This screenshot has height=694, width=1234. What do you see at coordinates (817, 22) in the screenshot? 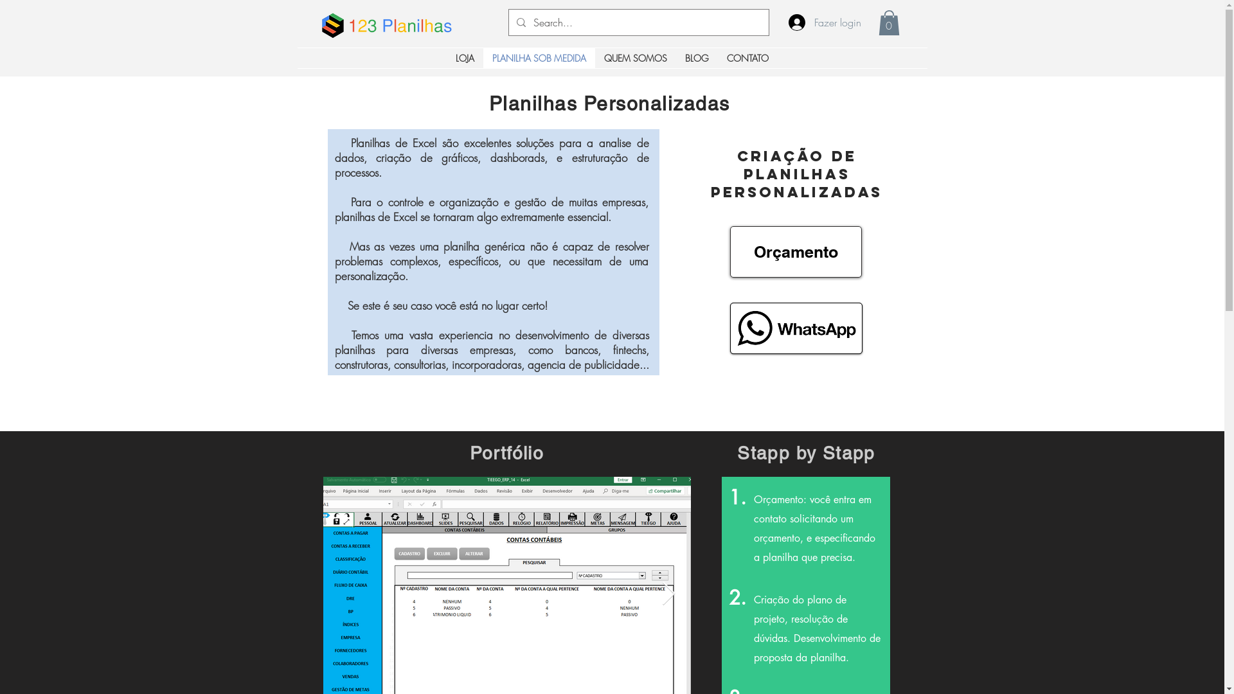
I see `'Fazer login'` at bounding box center [817, 22].